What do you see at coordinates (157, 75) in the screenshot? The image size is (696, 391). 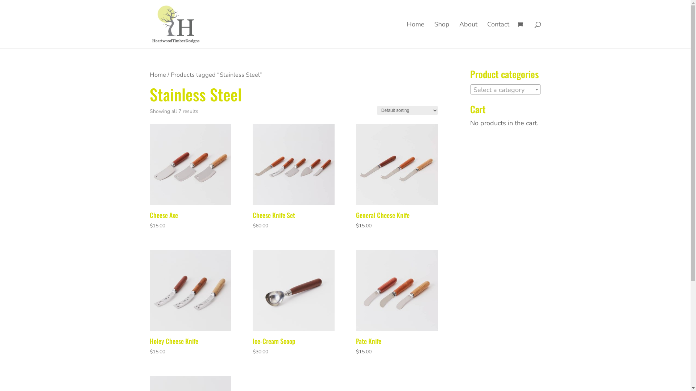 I see `'Home'` at bounding box center [157, 75].